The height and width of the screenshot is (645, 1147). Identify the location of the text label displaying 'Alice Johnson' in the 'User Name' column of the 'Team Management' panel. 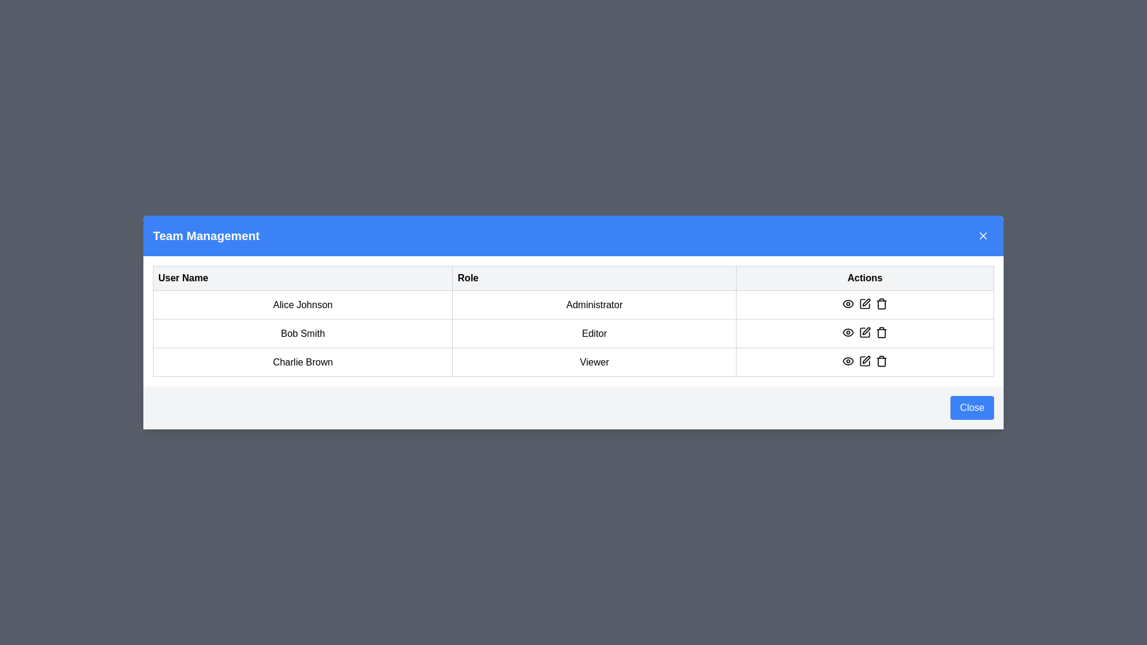
(303, 304).